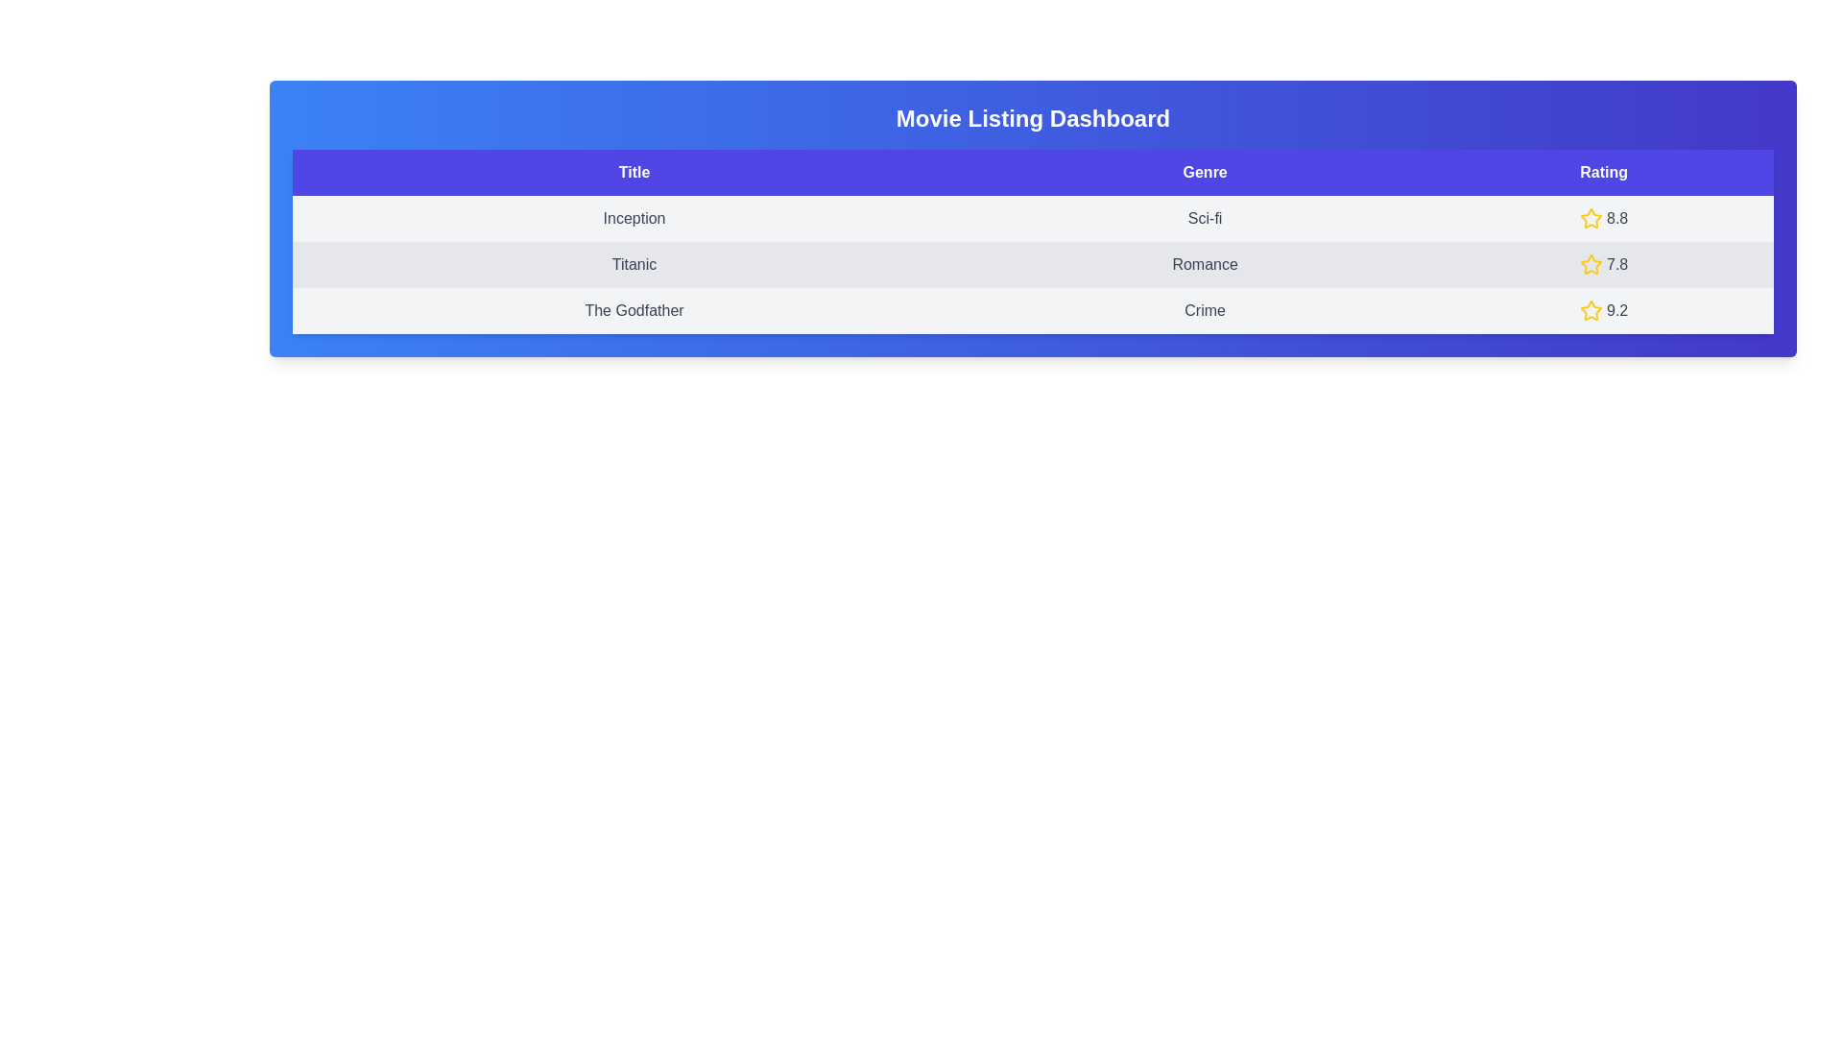 The image size is (1843, 1037). I want to click on text of the genre classification label displaying 'Romance' located in the second row of the table under the 'Genre' column, so click(1204, 265).